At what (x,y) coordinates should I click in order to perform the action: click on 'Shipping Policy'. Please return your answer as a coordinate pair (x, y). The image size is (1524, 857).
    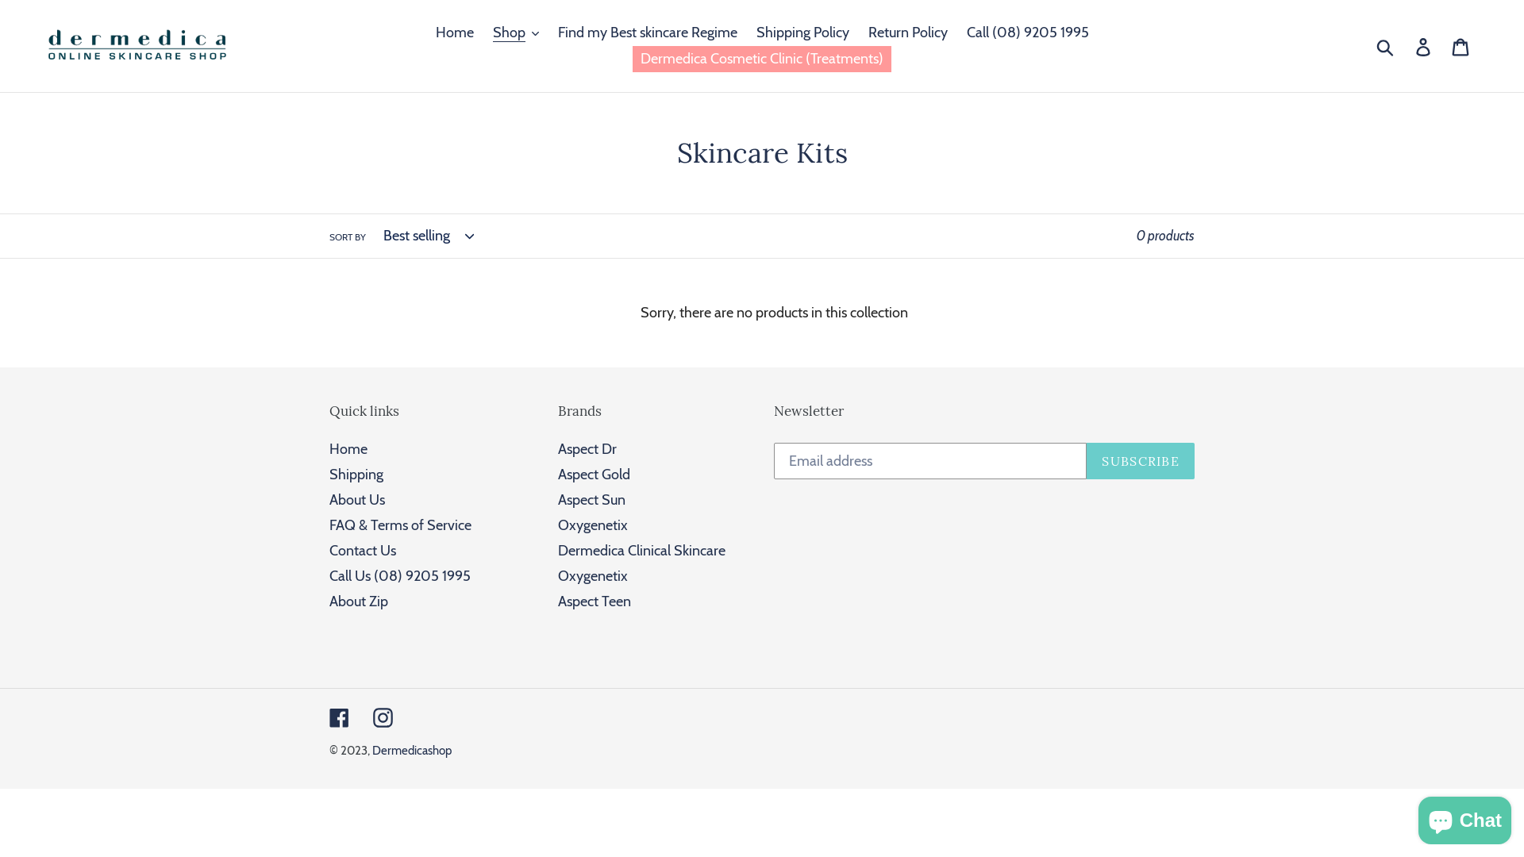
    Looking at the image, I should click on (802, 33).